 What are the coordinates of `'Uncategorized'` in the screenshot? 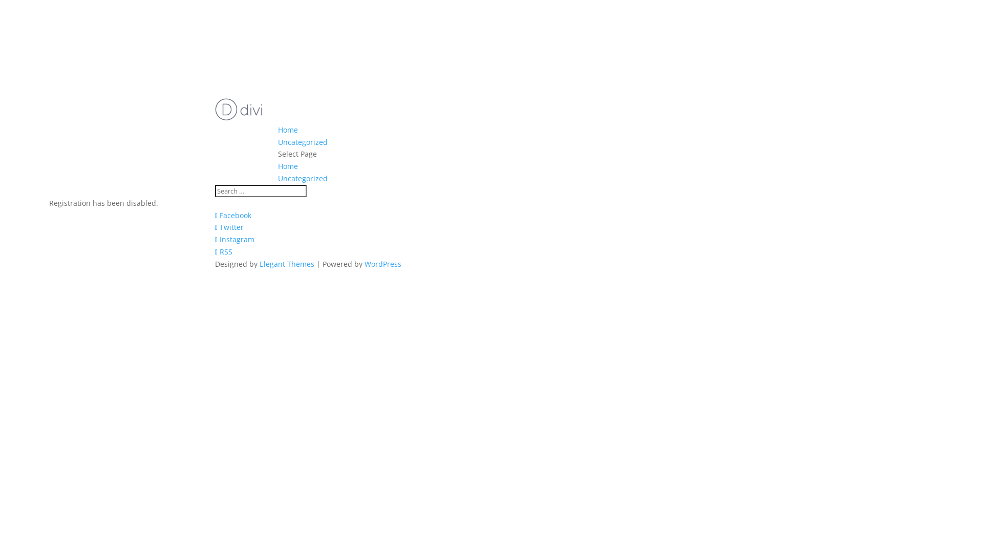 It's located at (302, 142).